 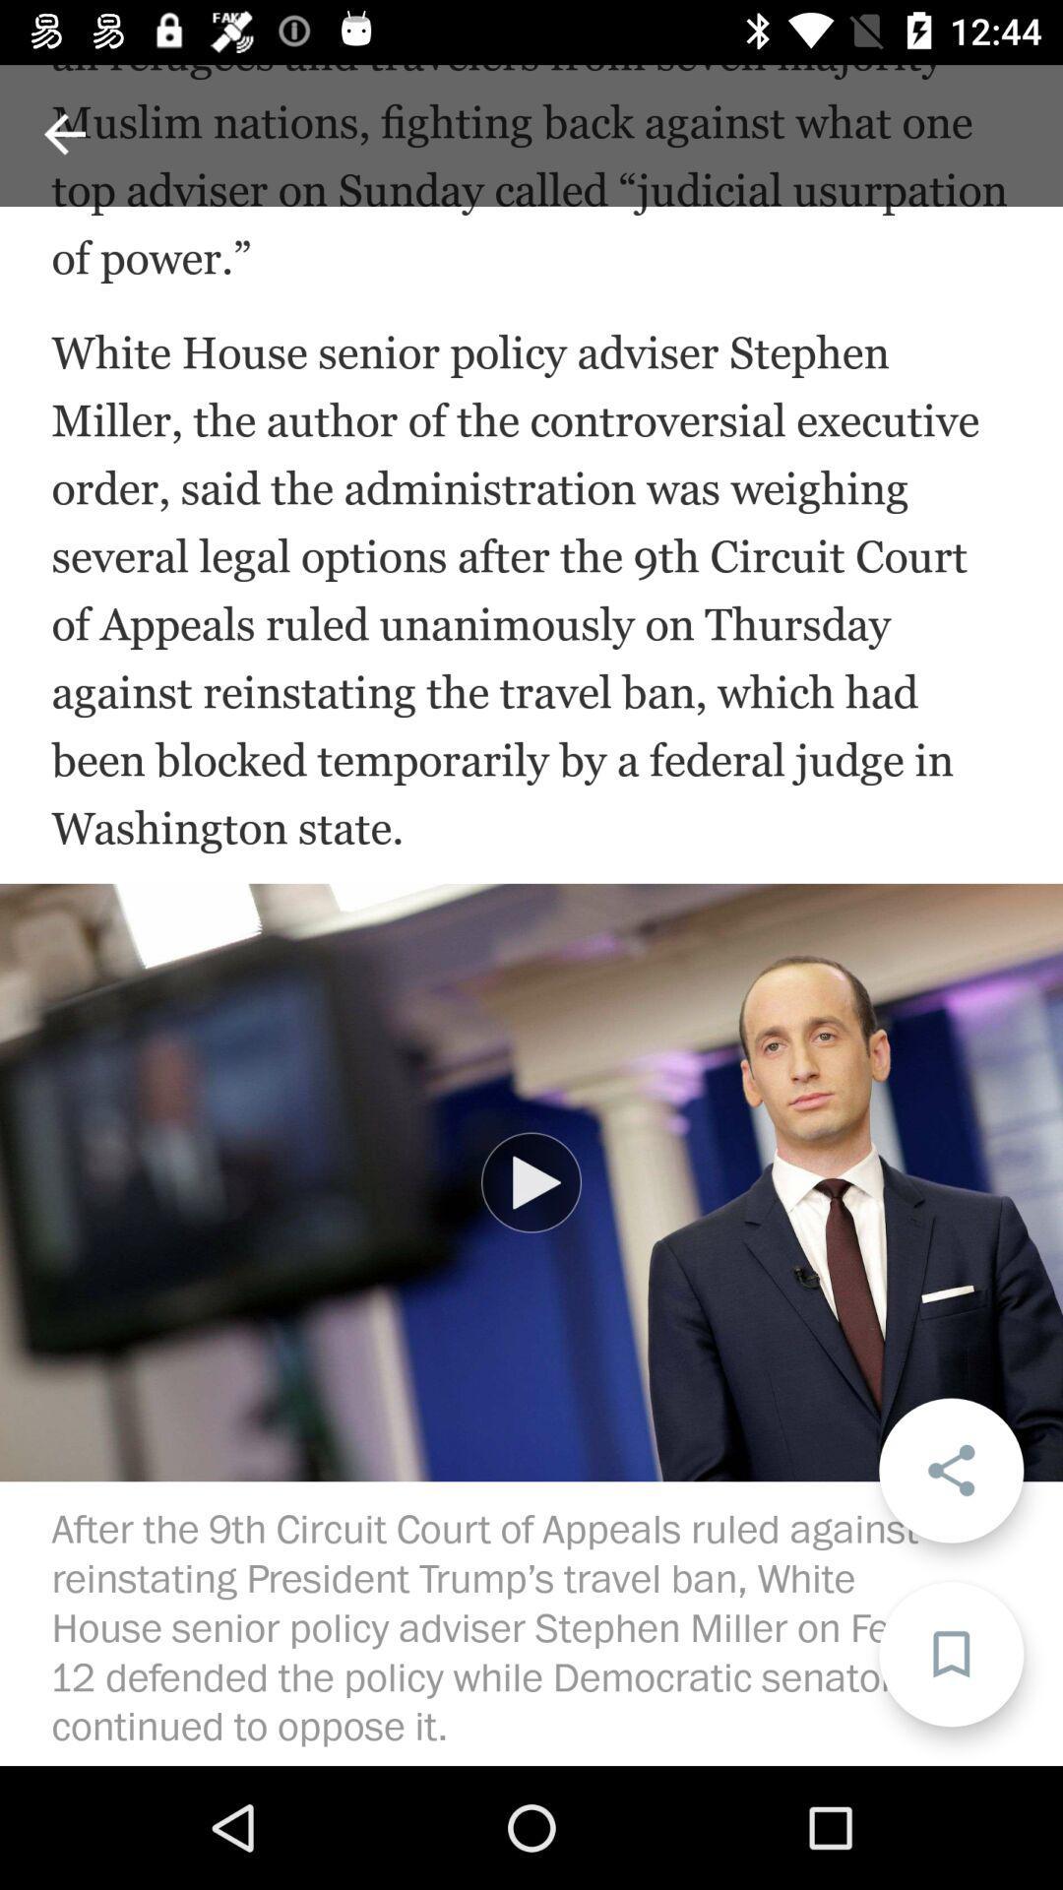 What do you see at coordinates (531, 1181) in the screenshot?
I see `video option` at bounding box center [531, 1181].